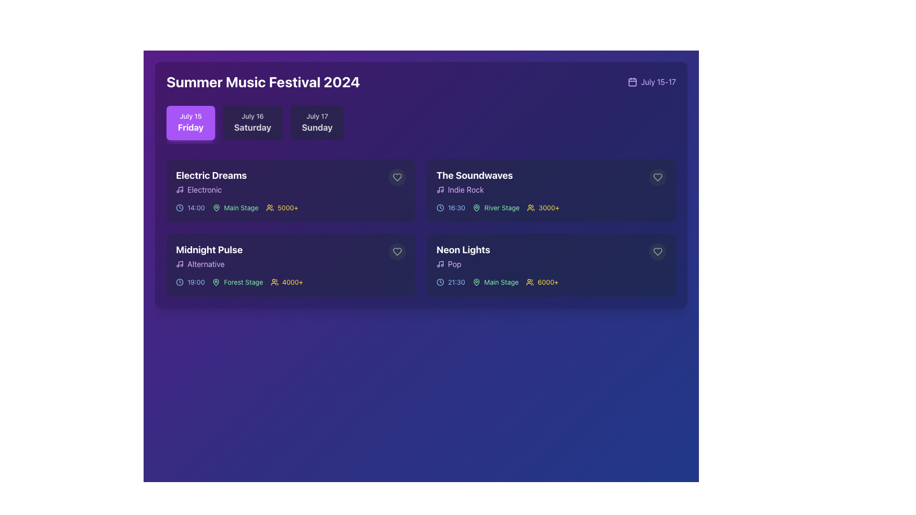 Image resolution: width=916 pixels, height=515 pixels. Describe the element at coordinates (243, 281) in the screenshot. I see `the text label 'Forest Stage' which is styled in green and indicates a clickable item, located in the lower-right part of the 'Midnight Pulse' event card` at that location.